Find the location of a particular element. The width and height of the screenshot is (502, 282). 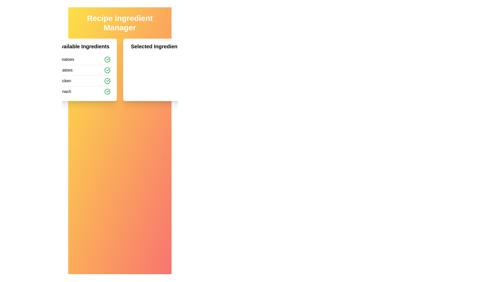

green check icon next to Spinach to add it to the selected list is located at coordinates (107, 91).